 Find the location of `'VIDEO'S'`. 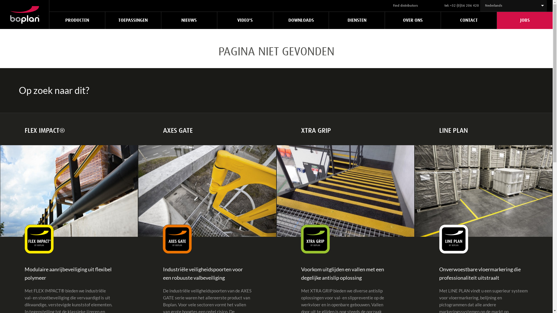

'VIDEO'S' is located at coordinates (217, 20).